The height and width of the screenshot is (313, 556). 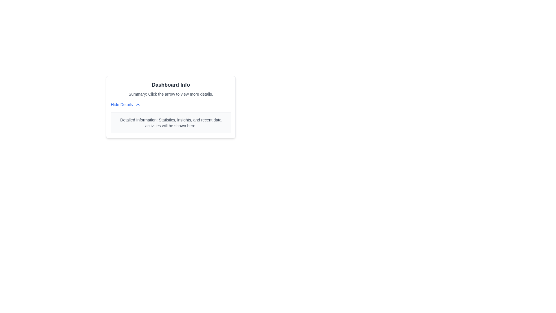 I want to click on the text label or link located to the left of the upward-facing chevron icon, so click(x=121, y=105).